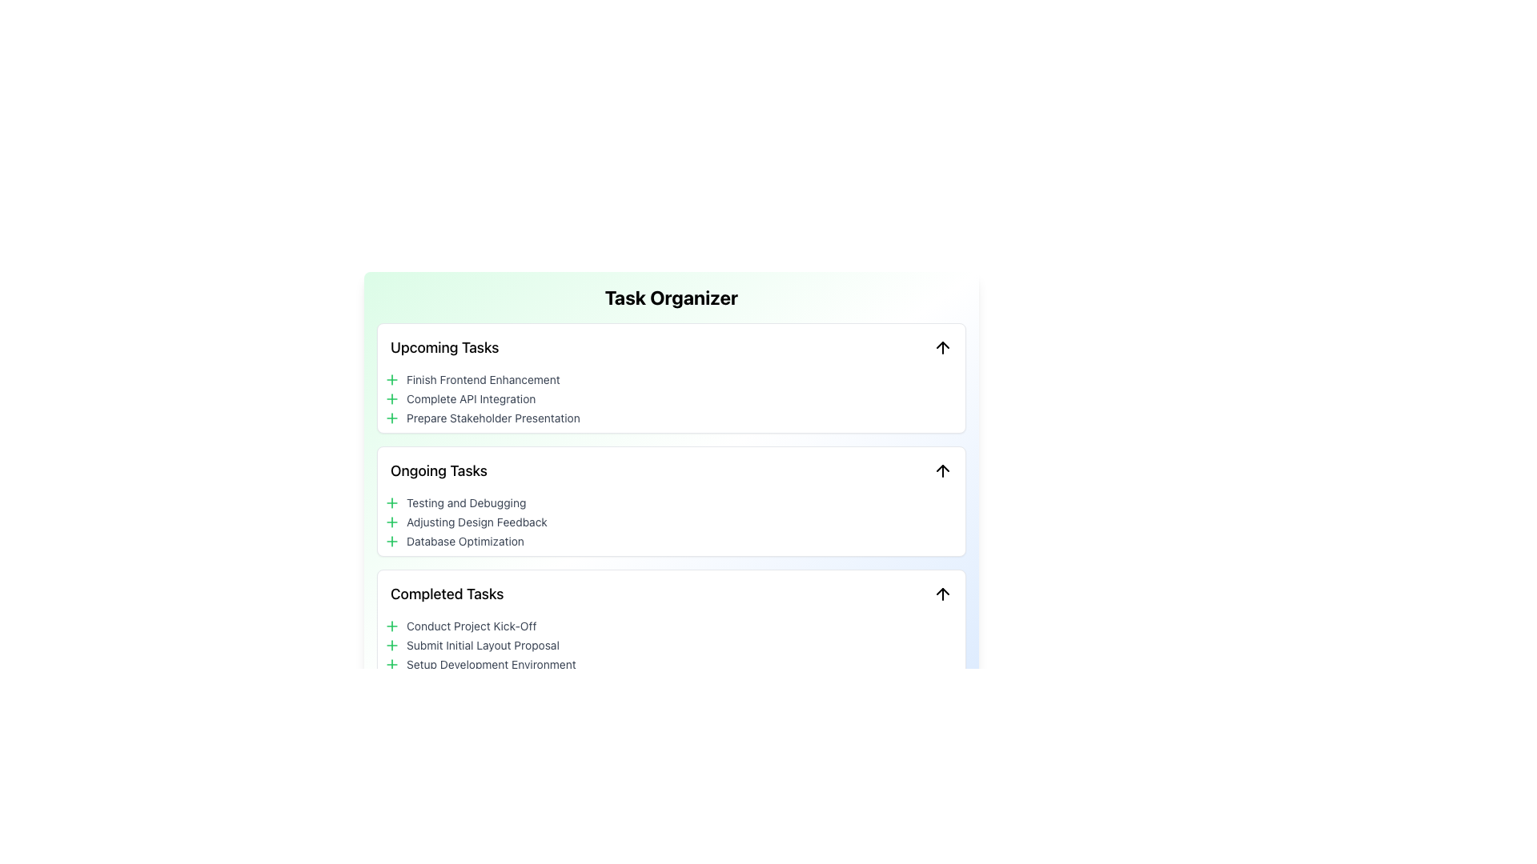 Image resolution: width=1537 pixels, height=864 pixels. Describe the element at coordinates (391, 522) in the screenshot. I see `the green plus symbol icon located at the beginning of the 'Adjusting Design Feedback' list item in the 'Ongoing Tasks' section` at that location.